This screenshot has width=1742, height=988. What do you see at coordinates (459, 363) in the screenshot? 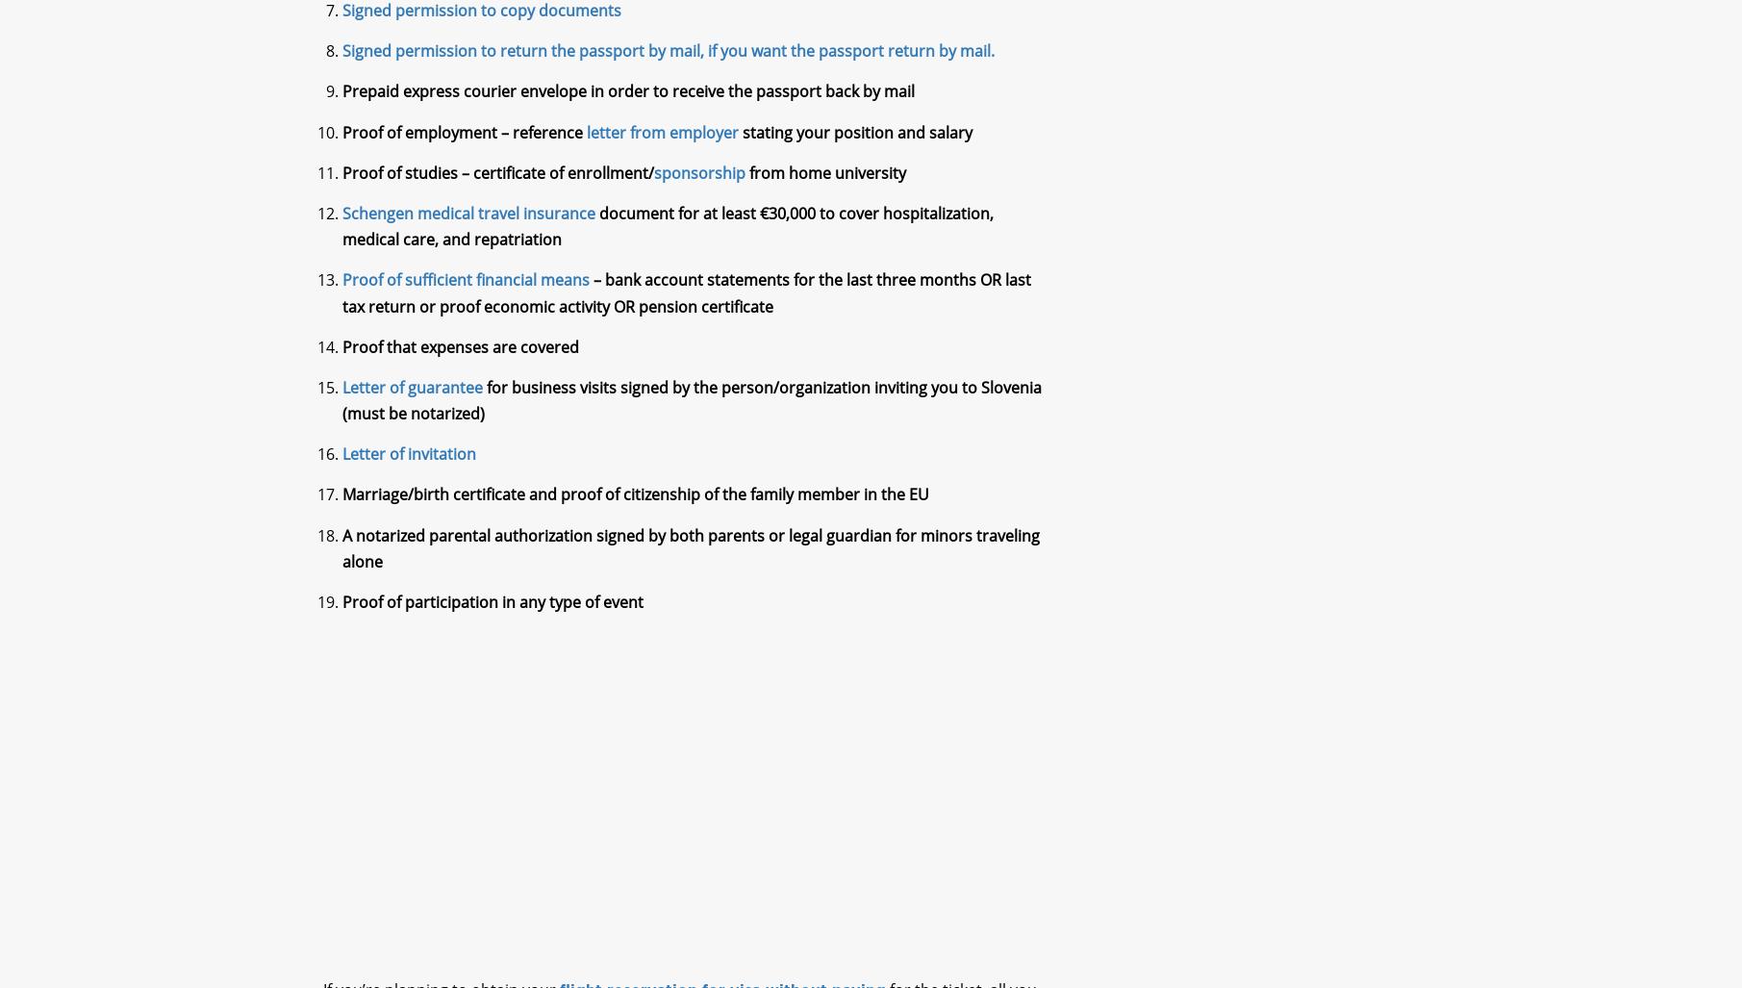
I see `'Proof that expenses are covered'` at bounding box center [459, 363].